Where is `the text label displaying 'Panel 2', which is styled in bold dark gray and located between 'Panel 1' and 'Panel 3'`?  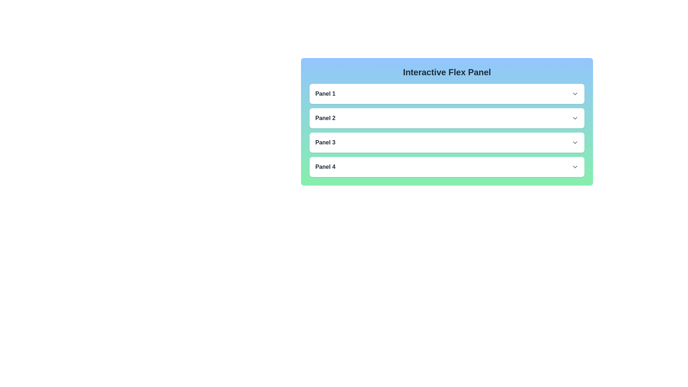
the text label displaying 'Panel 2', which is styled in bold dark gray and located between 'Panel 1' and 'Panel 3' is located at coordinates (325, 118).